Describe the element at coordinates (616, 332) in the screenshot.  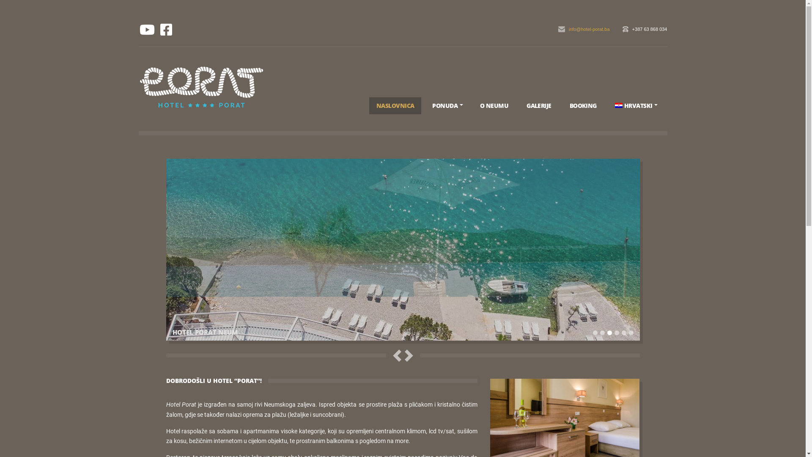
I see `'4'` at that location.